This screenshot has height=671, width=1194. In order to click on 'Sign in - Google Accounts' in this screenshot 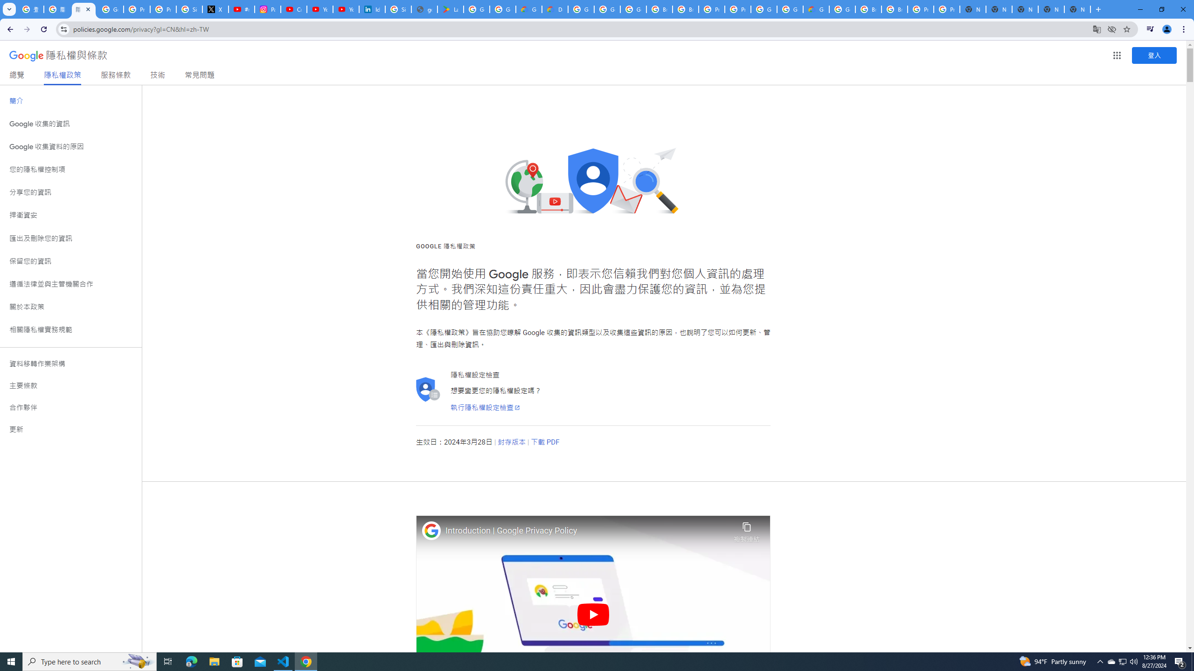, I will do `click(188, 9)`.